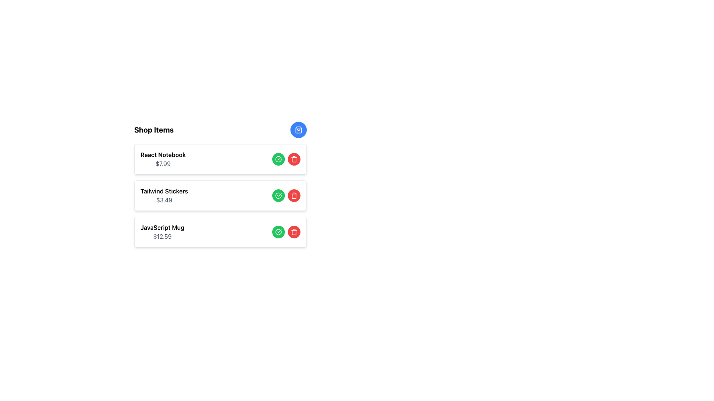 Image resolution: width=714 pixels, height=401 pixels. What do you see at coordinates (164, 195) in the screenshot?
I see `the static text display showing 'Tailwind Stickers' and its price '$3.49', which is the second product entry in the list, located slightly below the midpoint on the left side of the interface` at bounding box center [164, 195].